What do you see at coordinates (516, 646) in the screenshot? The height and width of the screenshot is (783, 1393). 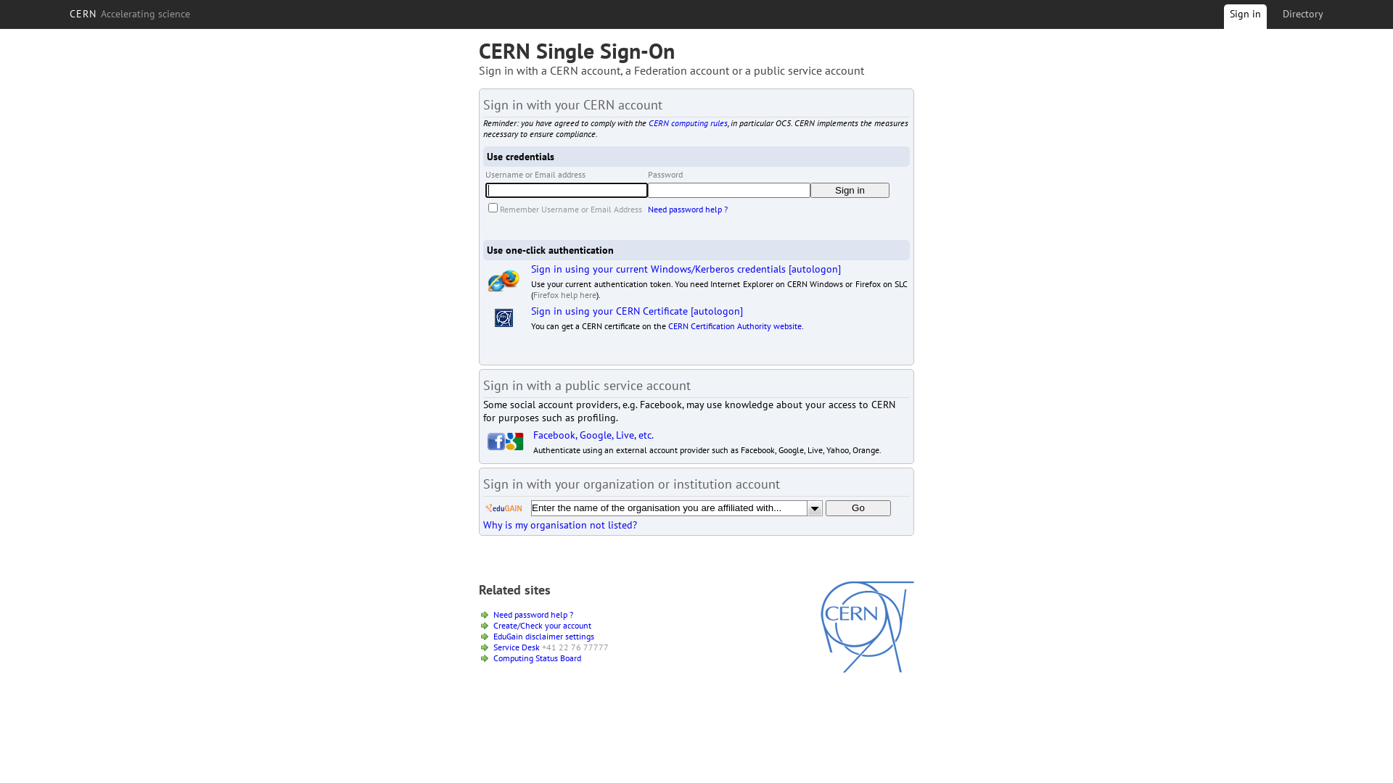 I see `'Service Desk'` at bounding box center [516, 646].